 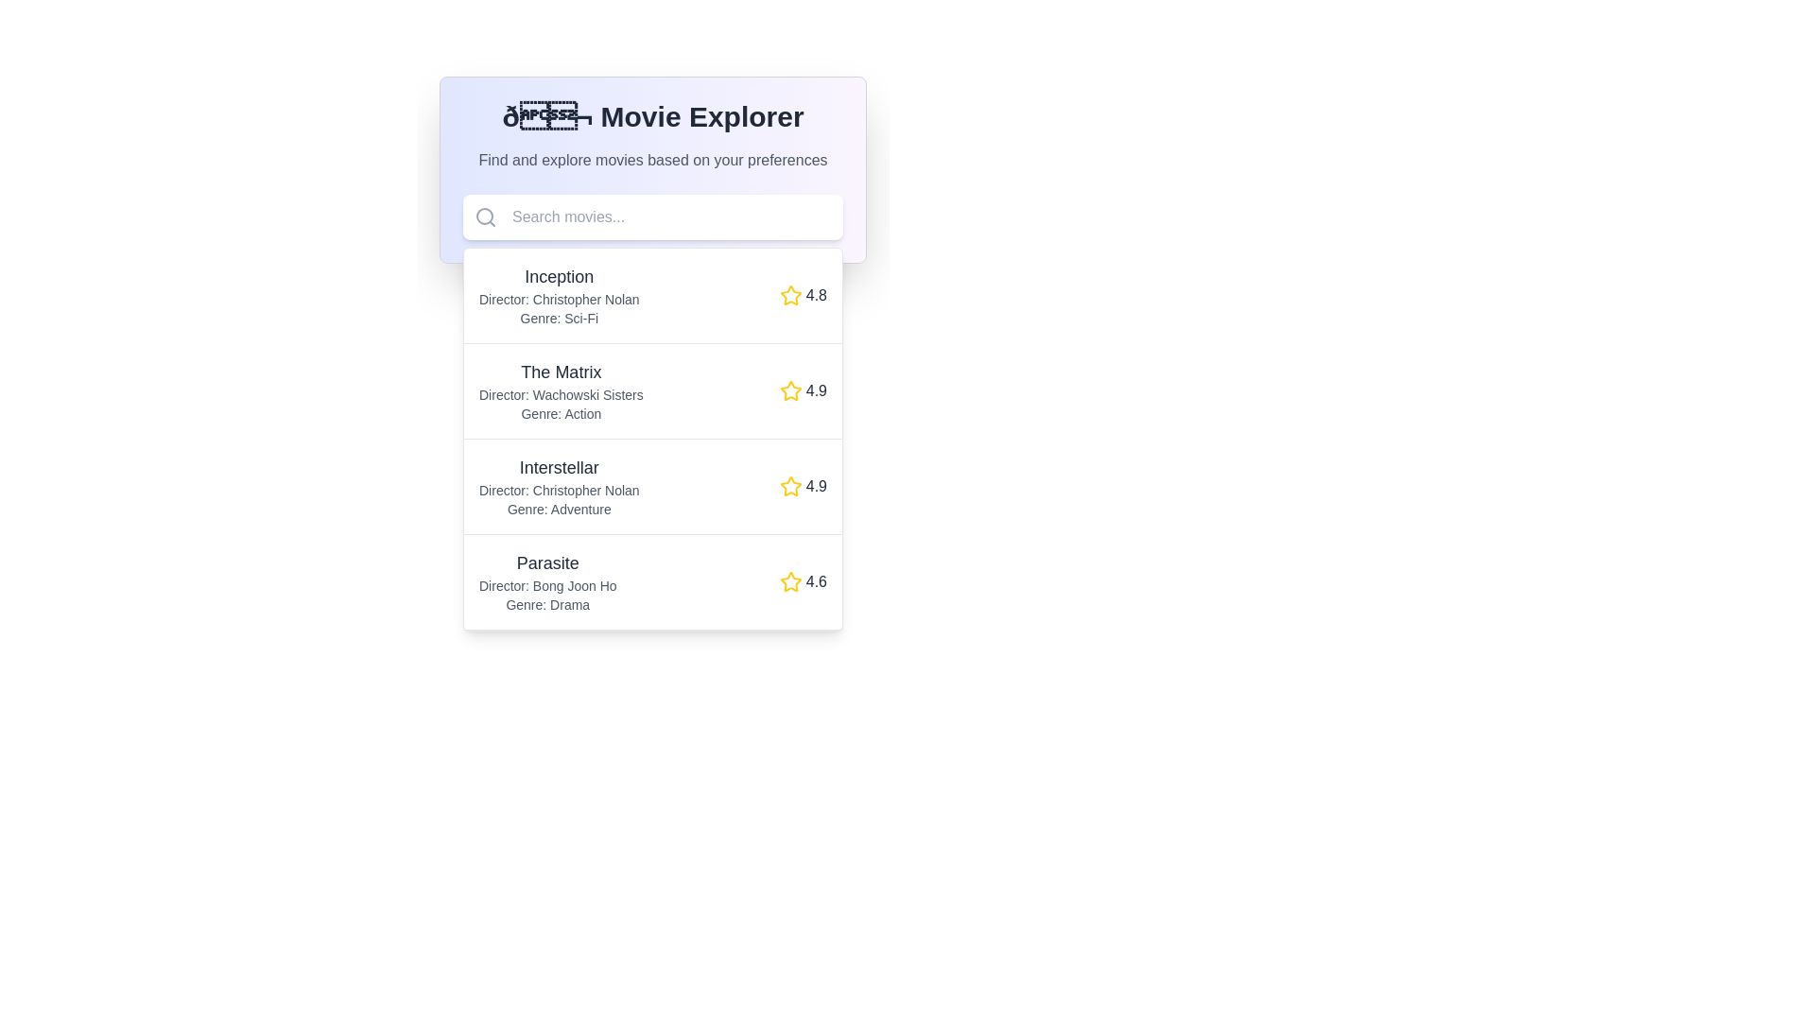 What do you see at coordinates (790, 389) in the screenshot?
I see `the prominent yellow star icon adjacent to the text '4.9' in the second movie entry for 'The Matrix' to interact with the rating system` at bounding box center [790, 389].